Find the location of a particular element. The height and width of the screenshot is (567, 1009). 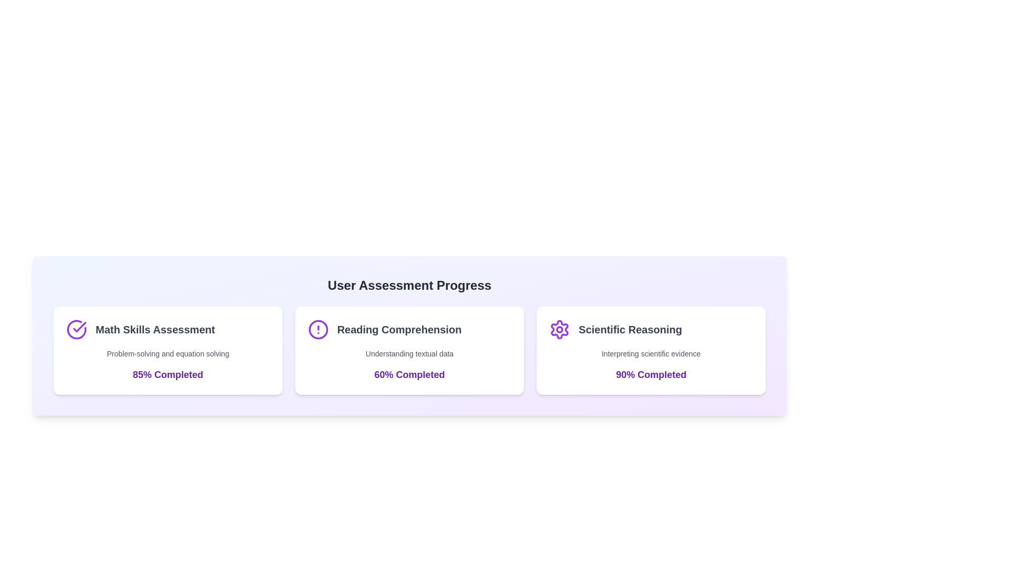

the text label displaying '60% Completed' that is styled in bold purple font, located at the bottom center of the 'Reading Comprehension' card, below 'Understanding textual data' is located at coordinates (409, 374).